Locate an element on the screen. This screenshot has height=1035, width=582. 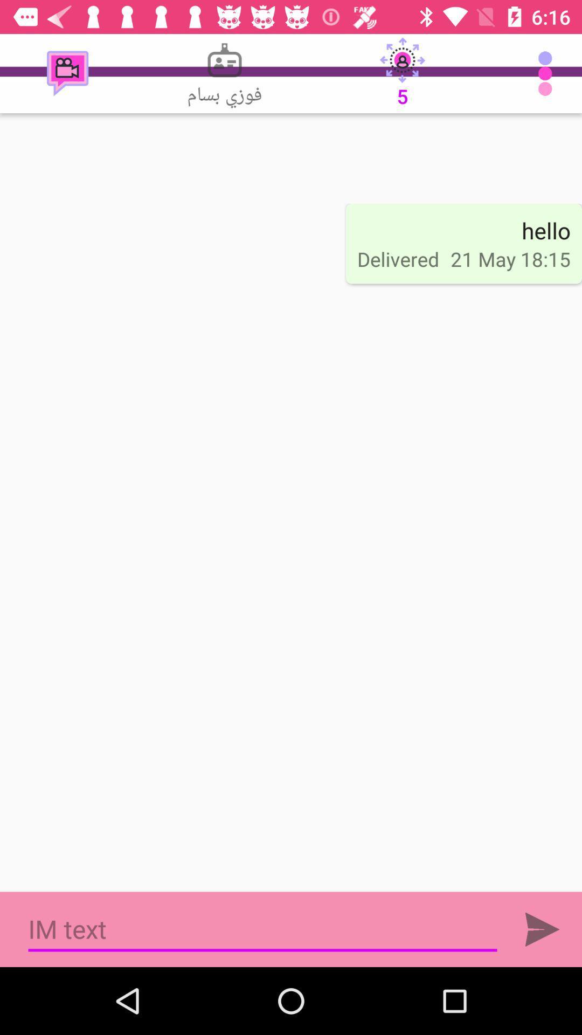
the item below the 21 may 18 item is located at coordinates (542, 929).